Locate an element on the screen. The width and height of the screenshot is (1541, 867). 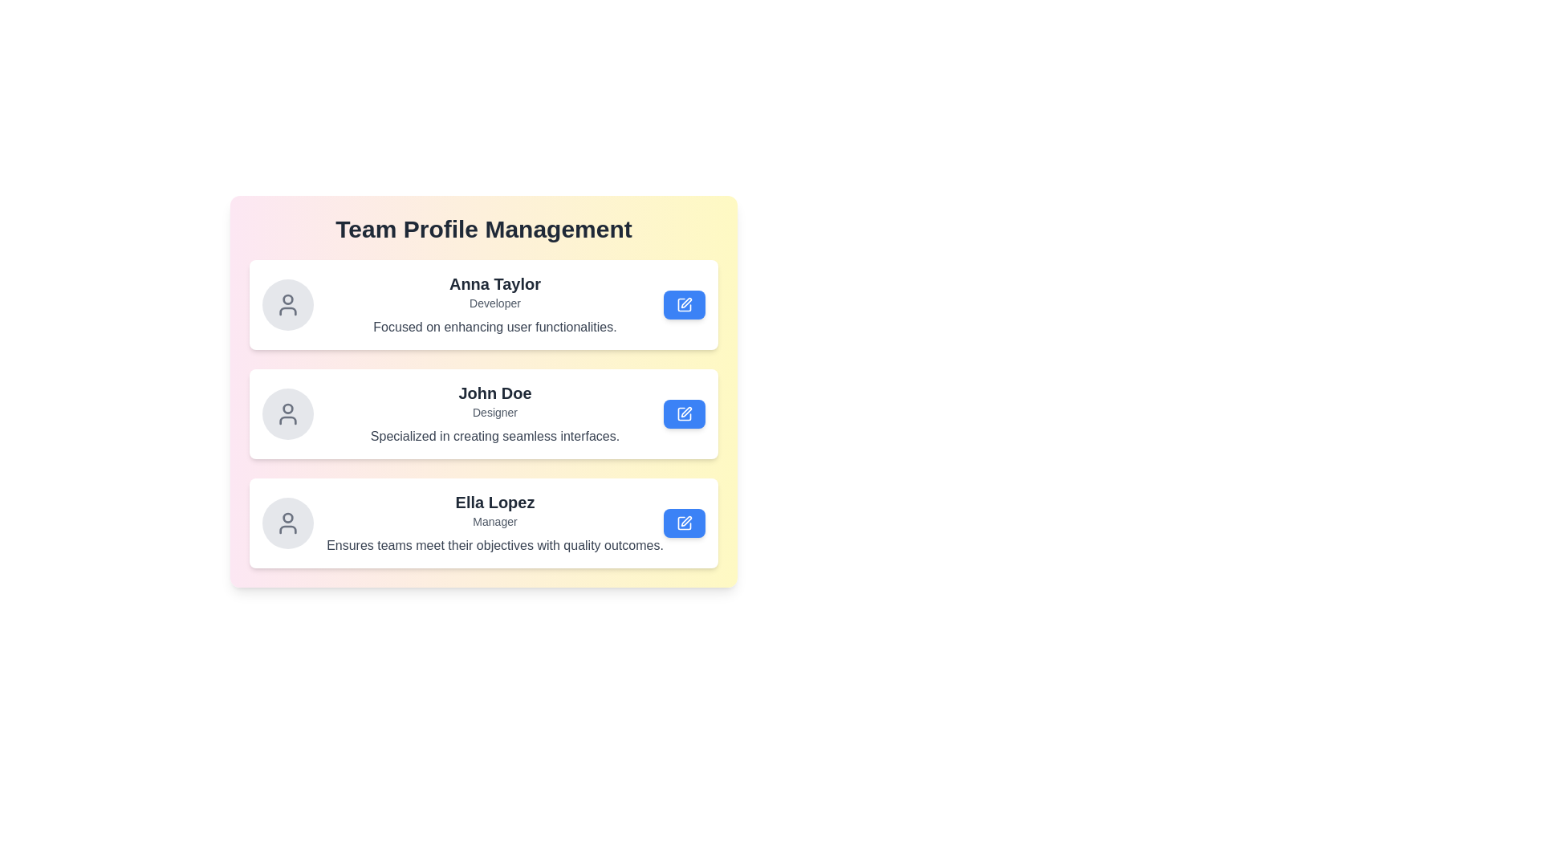
the edit button for the profile of Anna Taylor is located at coordinates (685, 305).